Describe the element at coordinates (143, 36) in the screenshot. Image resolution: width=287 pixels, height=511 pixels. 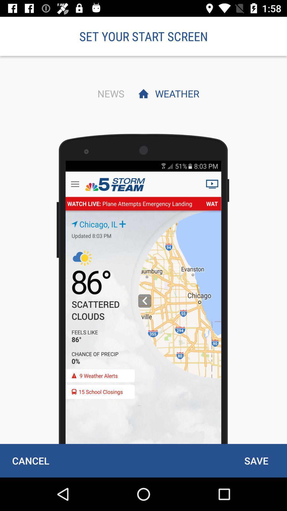
I see `set your start icon` at that location.